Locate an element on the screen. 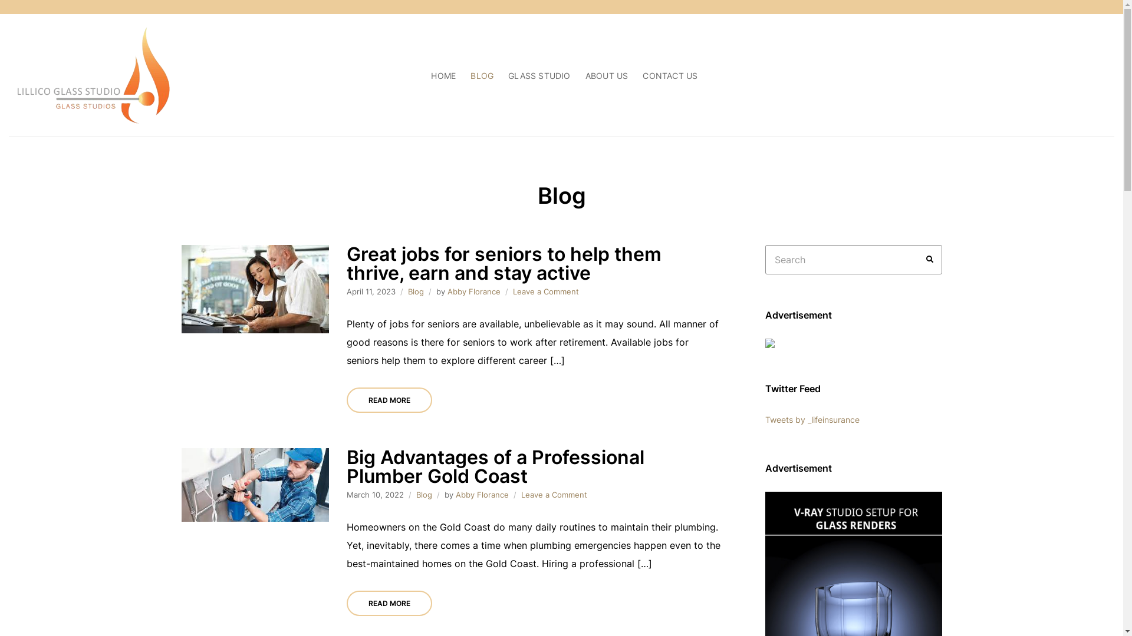  'HOME' is located at coordinates (443, 75).